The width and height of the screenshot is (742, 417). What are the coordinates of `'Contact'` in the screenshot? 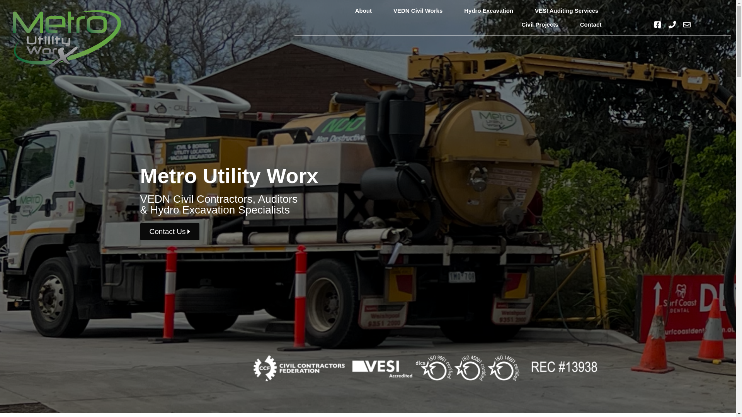 It's located at (591, 24).